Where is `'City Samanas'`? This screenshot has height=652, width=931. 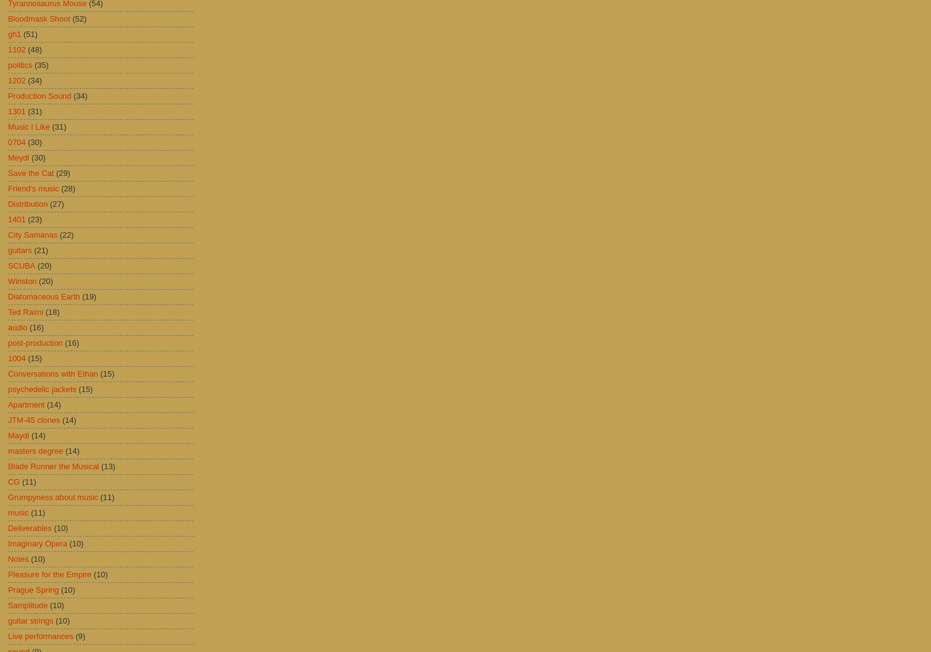 'City Samanas' is located at coordinates (32, 234).